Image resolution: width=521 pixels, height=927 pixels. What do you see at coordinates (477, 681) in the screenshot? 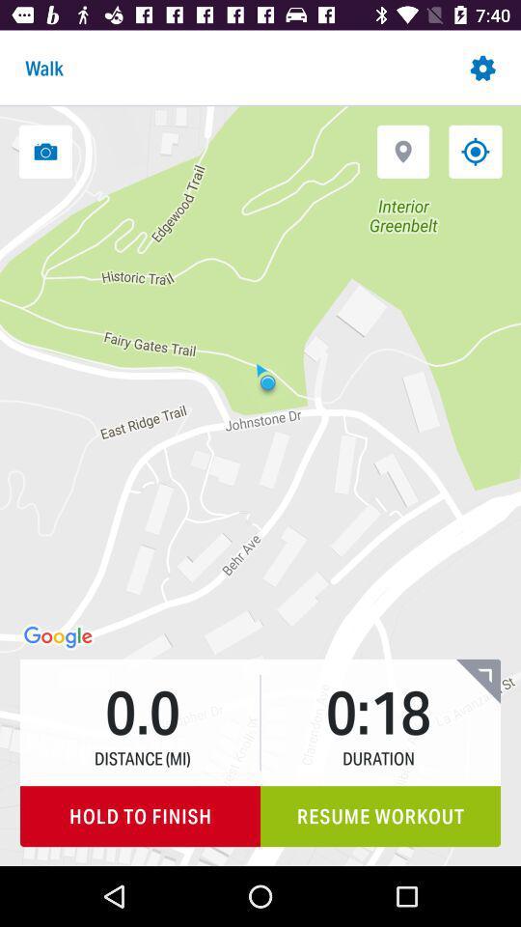
I see `icon above resume workout item` at bounding box center [477, 681].